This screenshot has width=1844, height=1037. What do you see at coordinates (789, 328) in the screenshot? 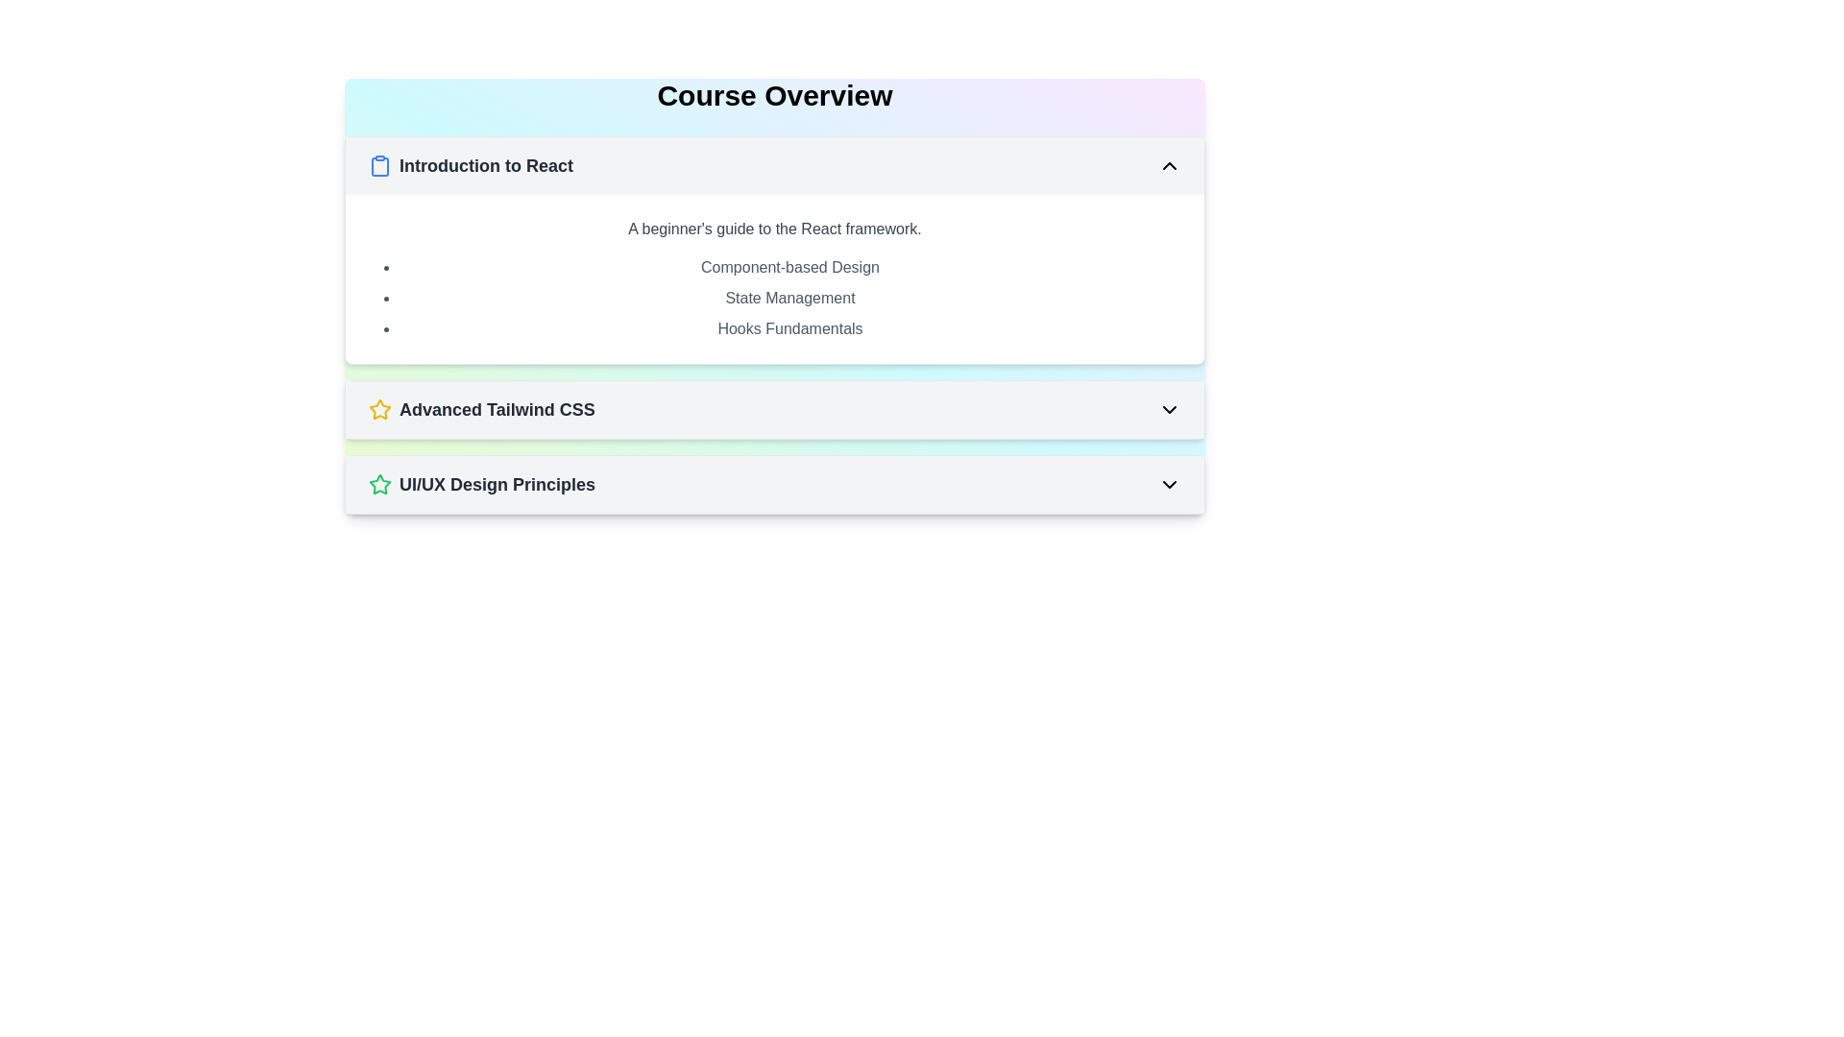
I see `the text element that represents the last item in the bulleted list under 'Introduction to React', which is located below 'State Management'` at bounding box center [789, 328].